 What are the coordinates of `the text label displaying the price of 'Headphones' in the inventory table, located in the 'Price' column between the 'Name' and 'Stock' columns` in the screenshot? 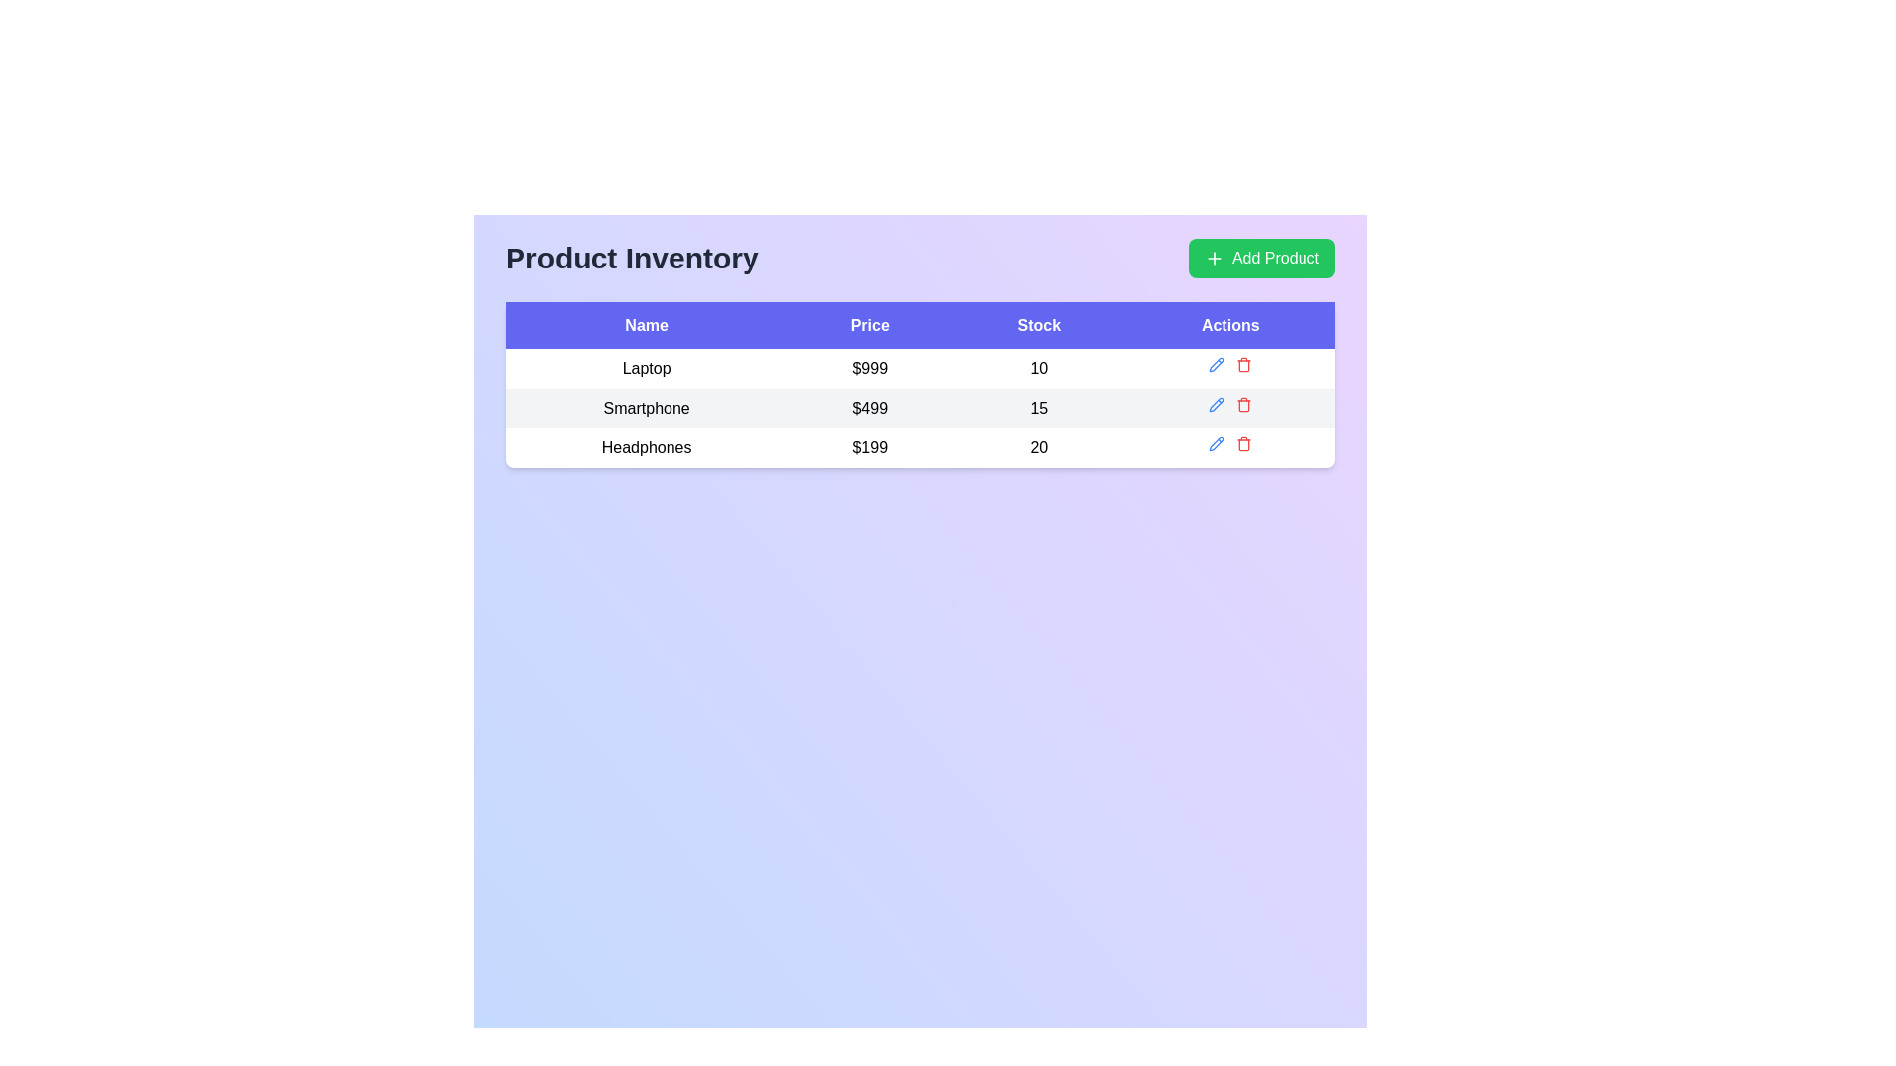 It's located at (869, 448).